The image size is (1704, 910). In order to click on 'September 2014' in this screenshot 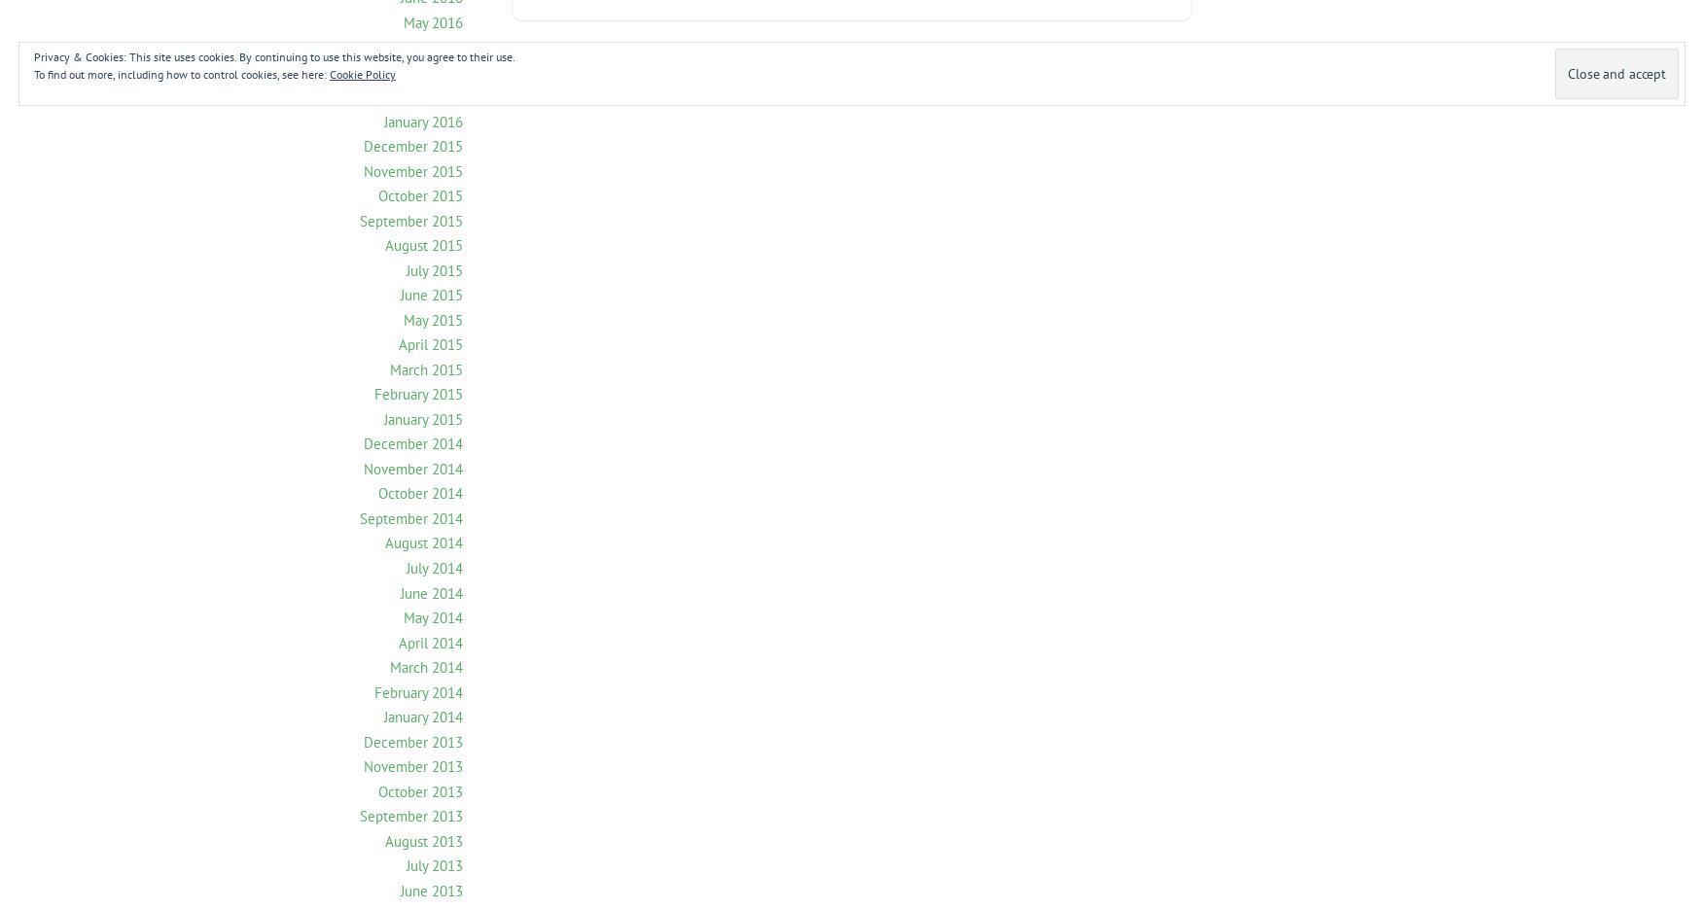, I will do `click(409, 517)`.